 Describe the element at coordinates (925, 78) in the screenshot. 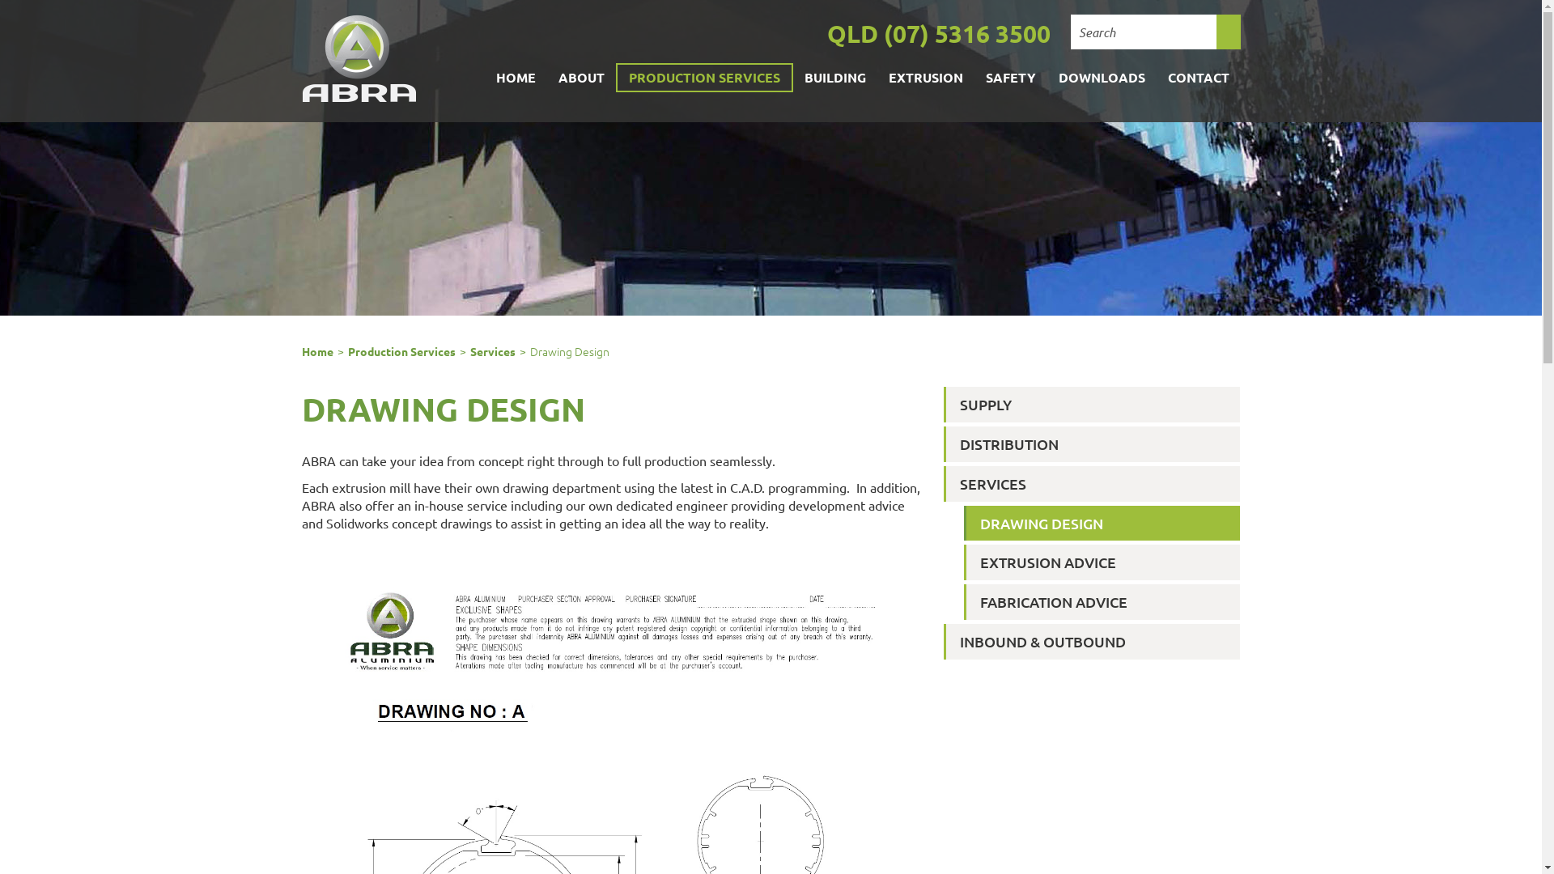

I see `'EXTRUSION'` at that location.